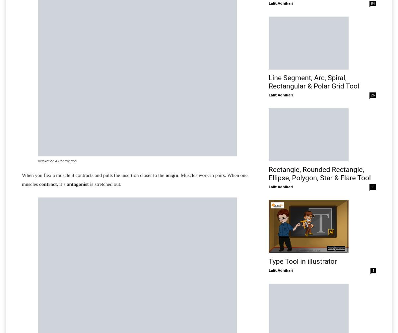 The width and height of the screenshot is (398, 333). What do you see at coordinates (372, 94) in the screenshot?
I see `'26'` at bounding box center [372, 94].